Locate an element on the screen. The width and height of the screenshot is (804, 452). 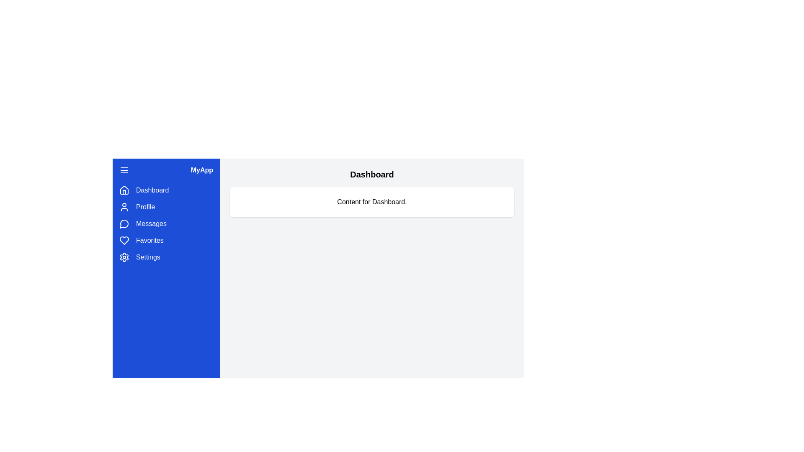
the third navigation item for accessing the Messages section, positioned between 'Profile' and 'Favorites' is located at coordinates (166, 223).